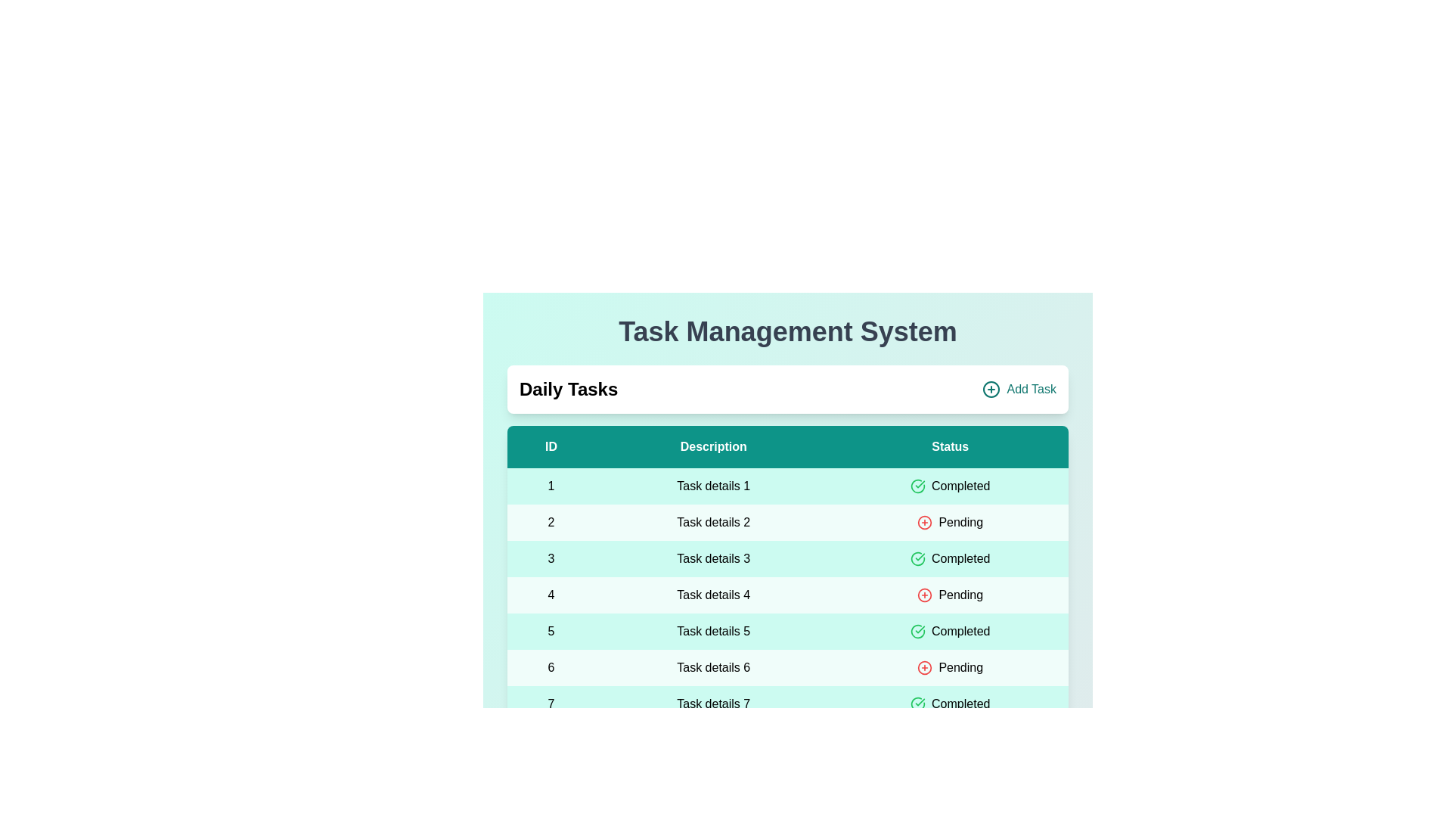  Describe the element at coordinates (1019, 389) in the screenshot. I see `the 'Add Task' button to initiate adding a new task` at that location.